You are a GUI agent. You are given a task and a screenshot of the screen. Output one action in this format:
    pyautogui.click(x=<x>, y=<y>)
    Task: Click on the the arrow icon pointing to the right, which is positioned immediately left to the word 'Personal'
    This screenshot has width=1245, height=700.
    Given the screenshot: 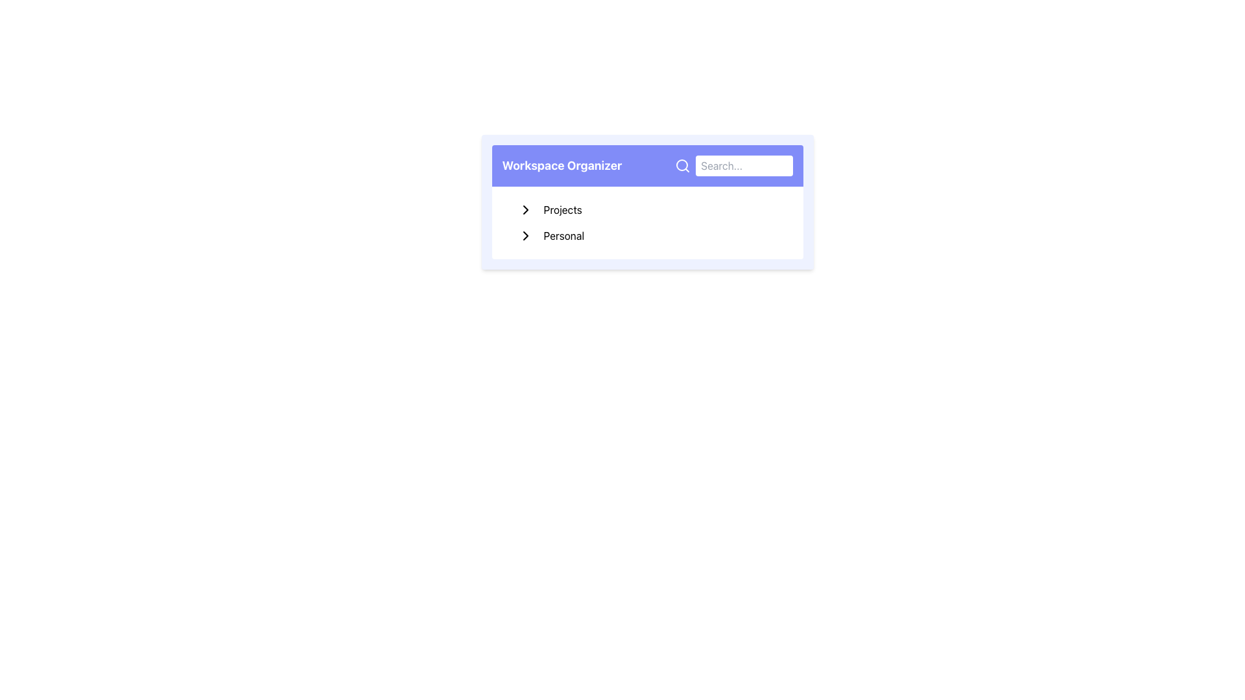 What is the action you would take?
    pyautogui.click(x=525, y=235)
    